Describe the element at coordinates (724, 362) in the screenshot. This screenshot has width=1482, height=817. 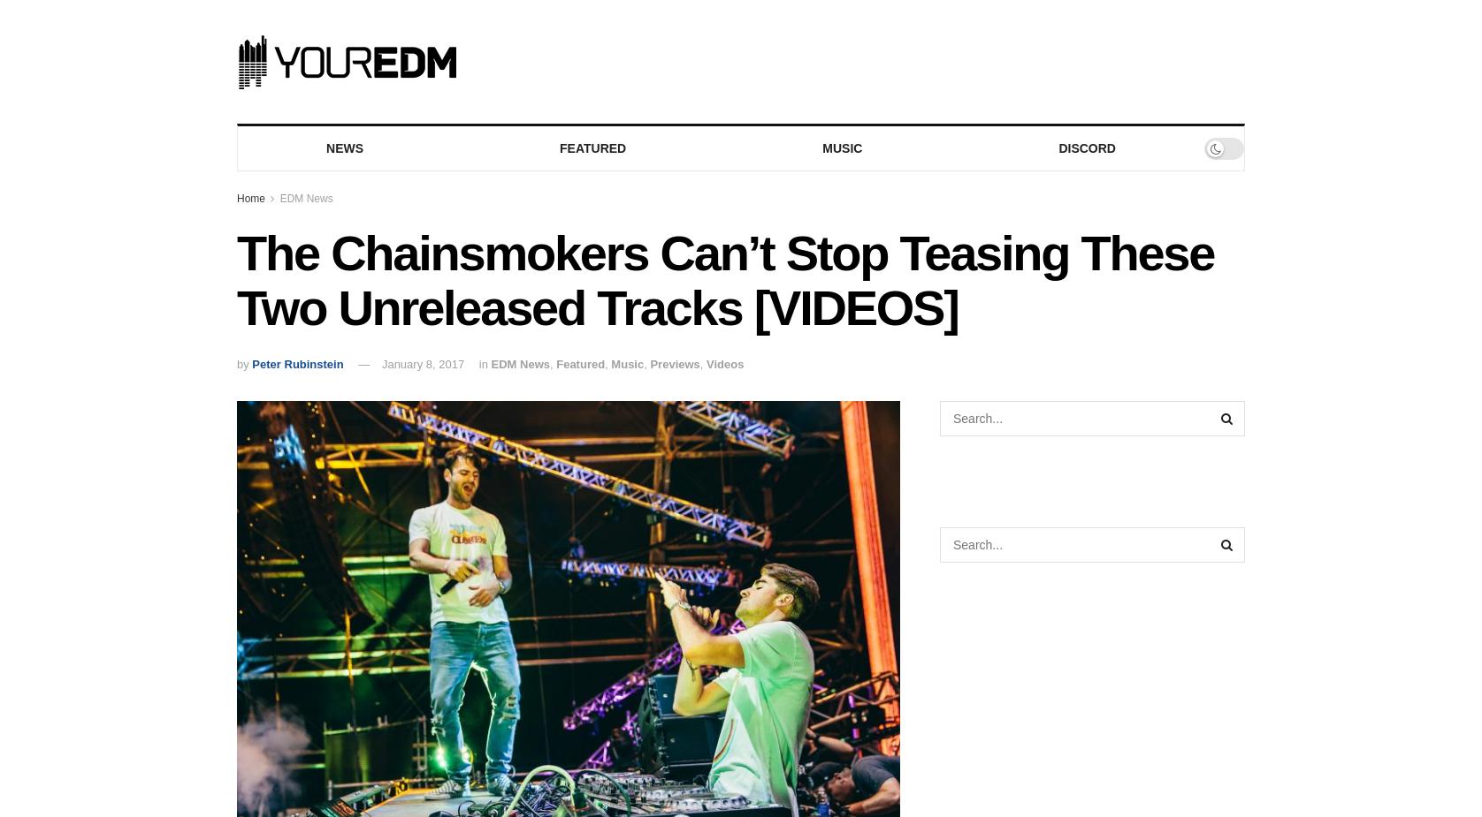
I see `'Videos'` at that location.